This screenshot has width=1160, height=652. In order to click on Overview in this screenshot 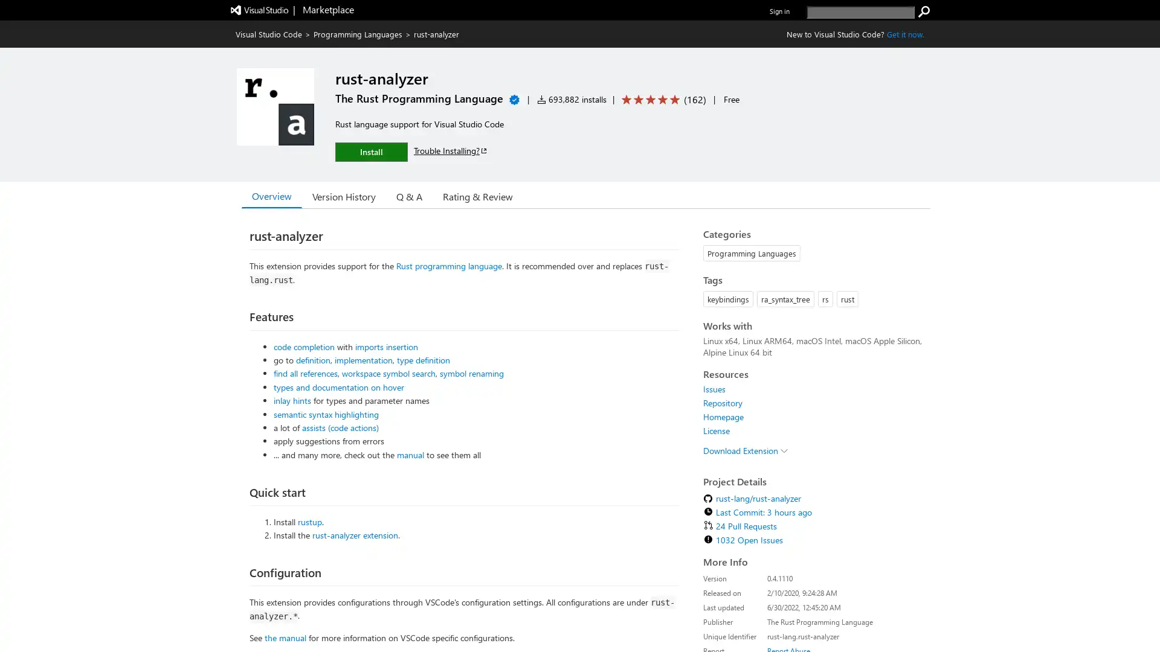, I will do `click(271, 195)`.